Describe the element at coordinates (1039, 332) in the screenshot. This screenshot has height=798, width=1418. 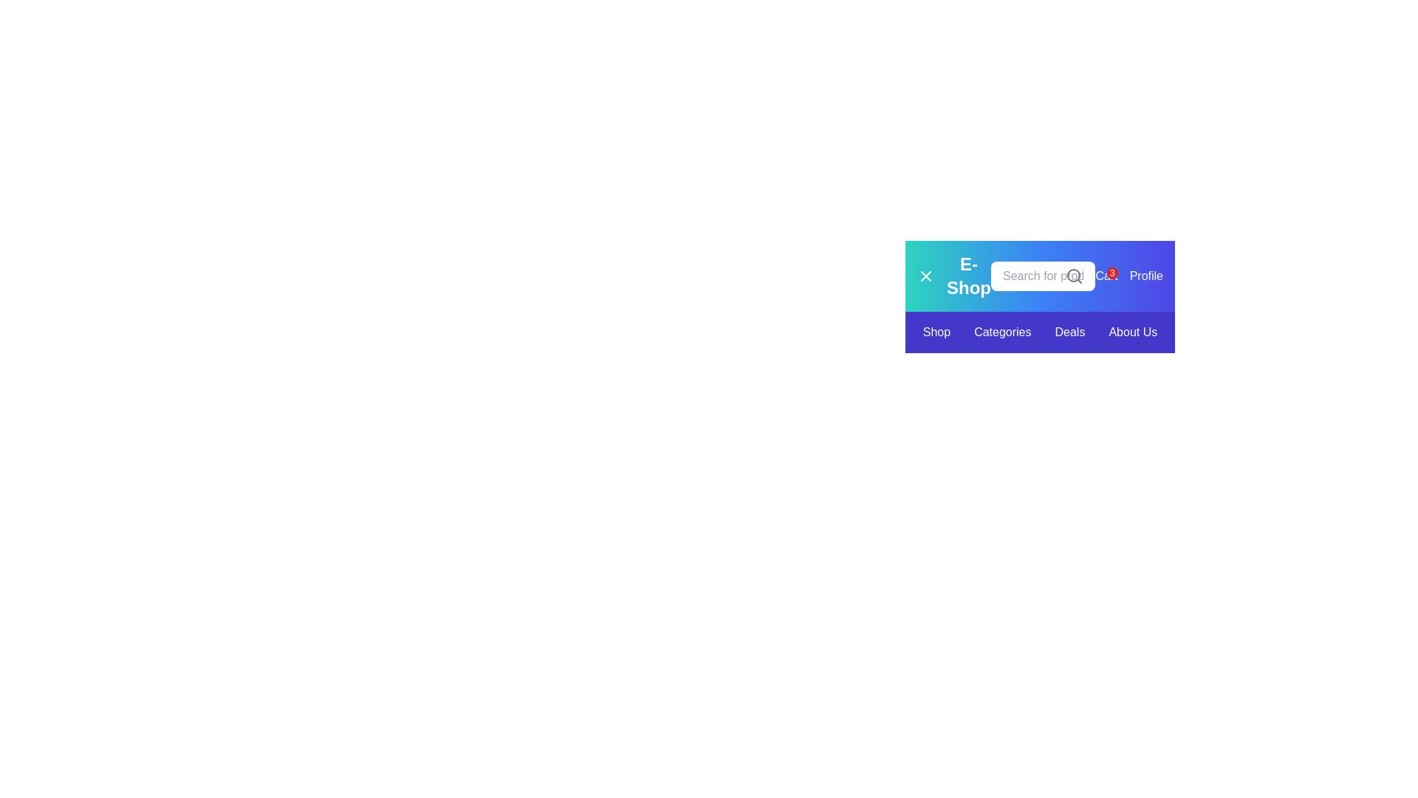
I see `the Navigation menu bar` at that location.